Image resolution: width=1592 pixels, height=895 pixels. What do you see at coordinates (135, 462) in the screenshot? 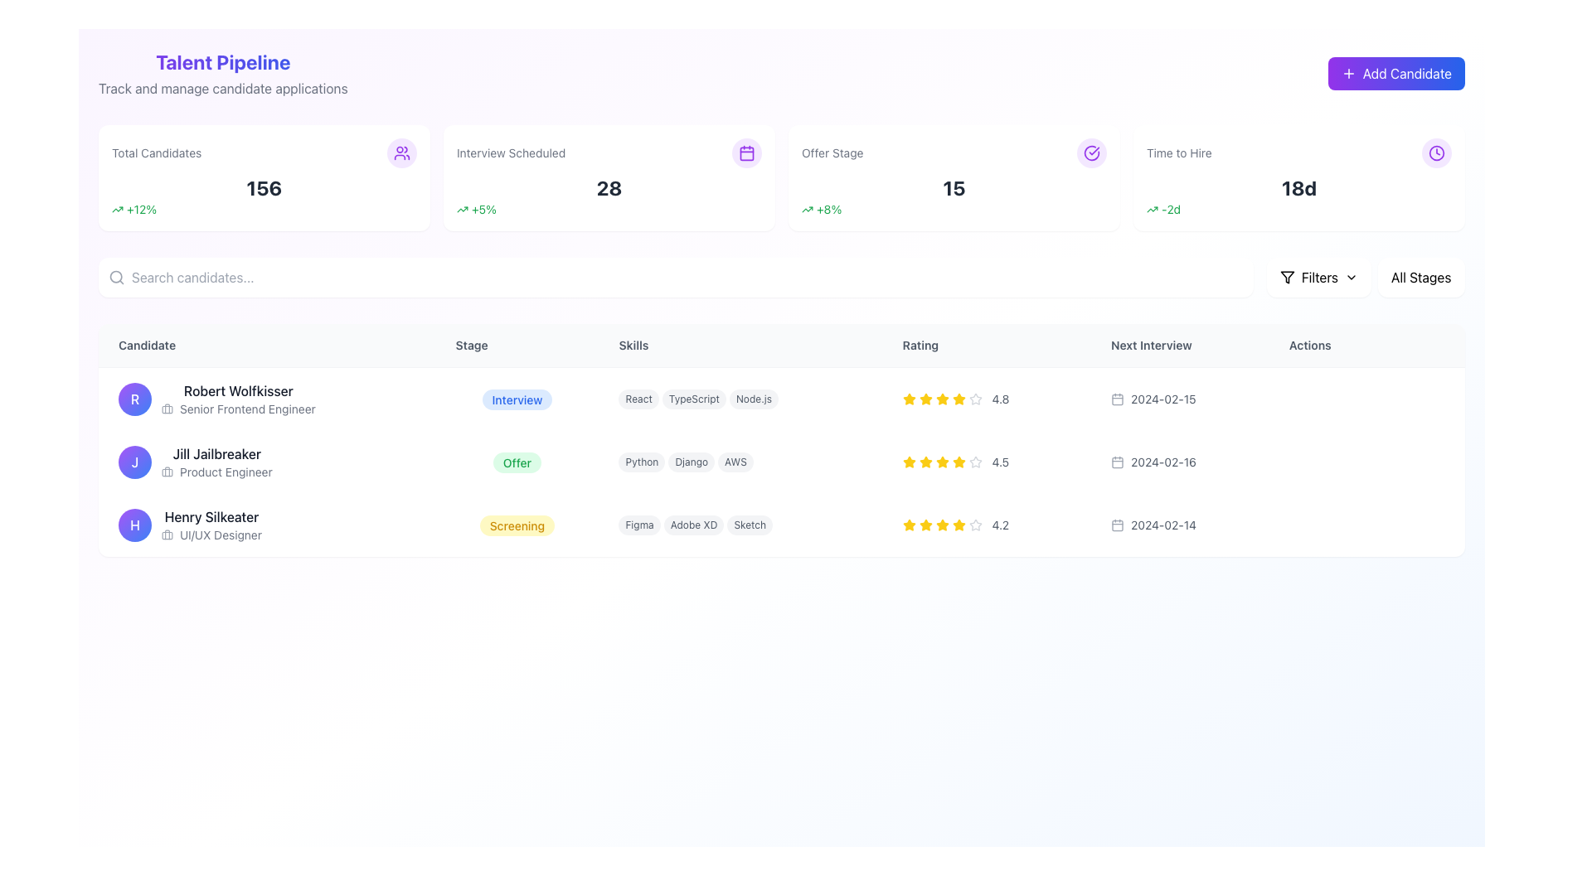
I see `the circular badge with a gradient background and the character 'J' in white, located next to 'Jill Jailbreaker' in the candidate list` at bounding box center [135, 462].